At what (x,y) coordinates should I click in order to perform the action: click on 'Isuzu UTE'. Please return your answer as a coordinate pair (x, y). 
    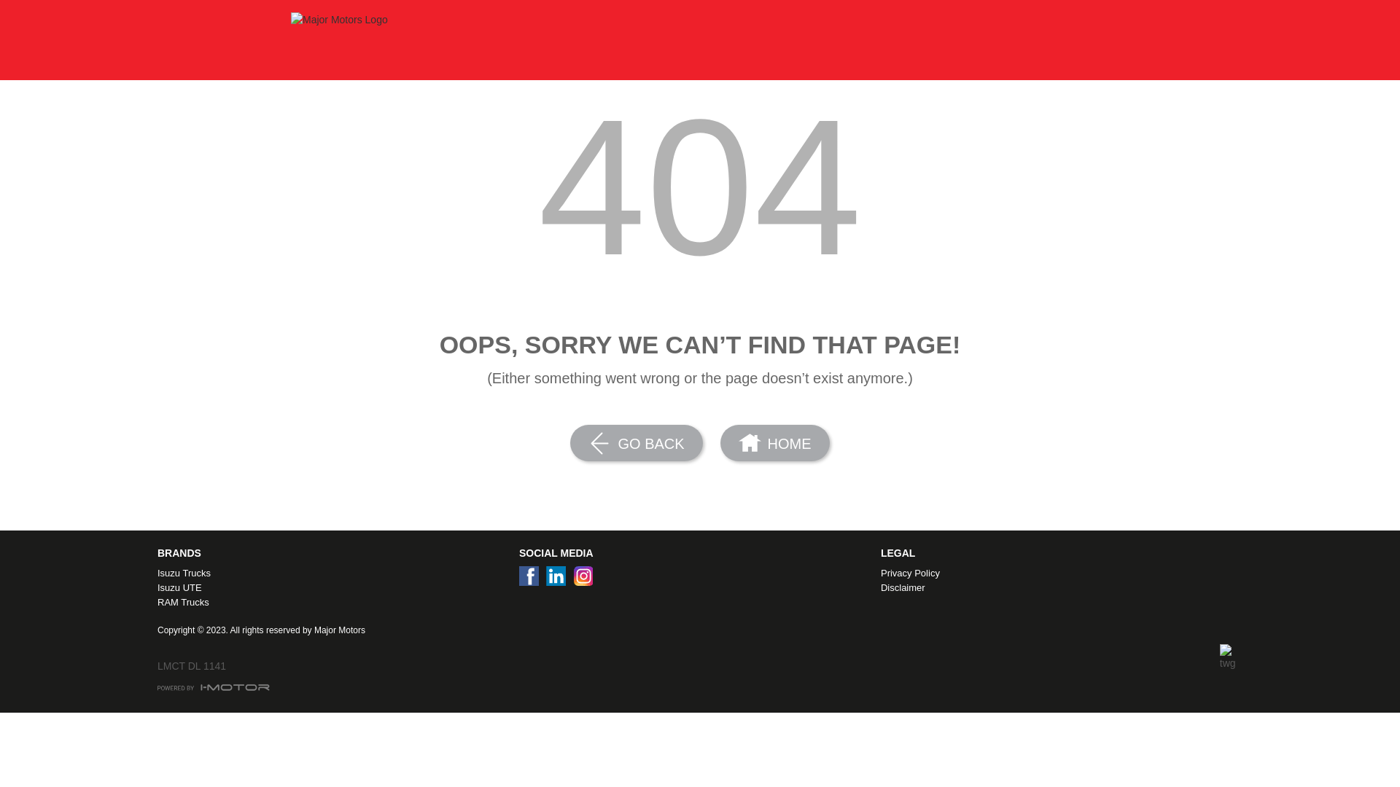
    Looking at the image, I should click on (157, 587).